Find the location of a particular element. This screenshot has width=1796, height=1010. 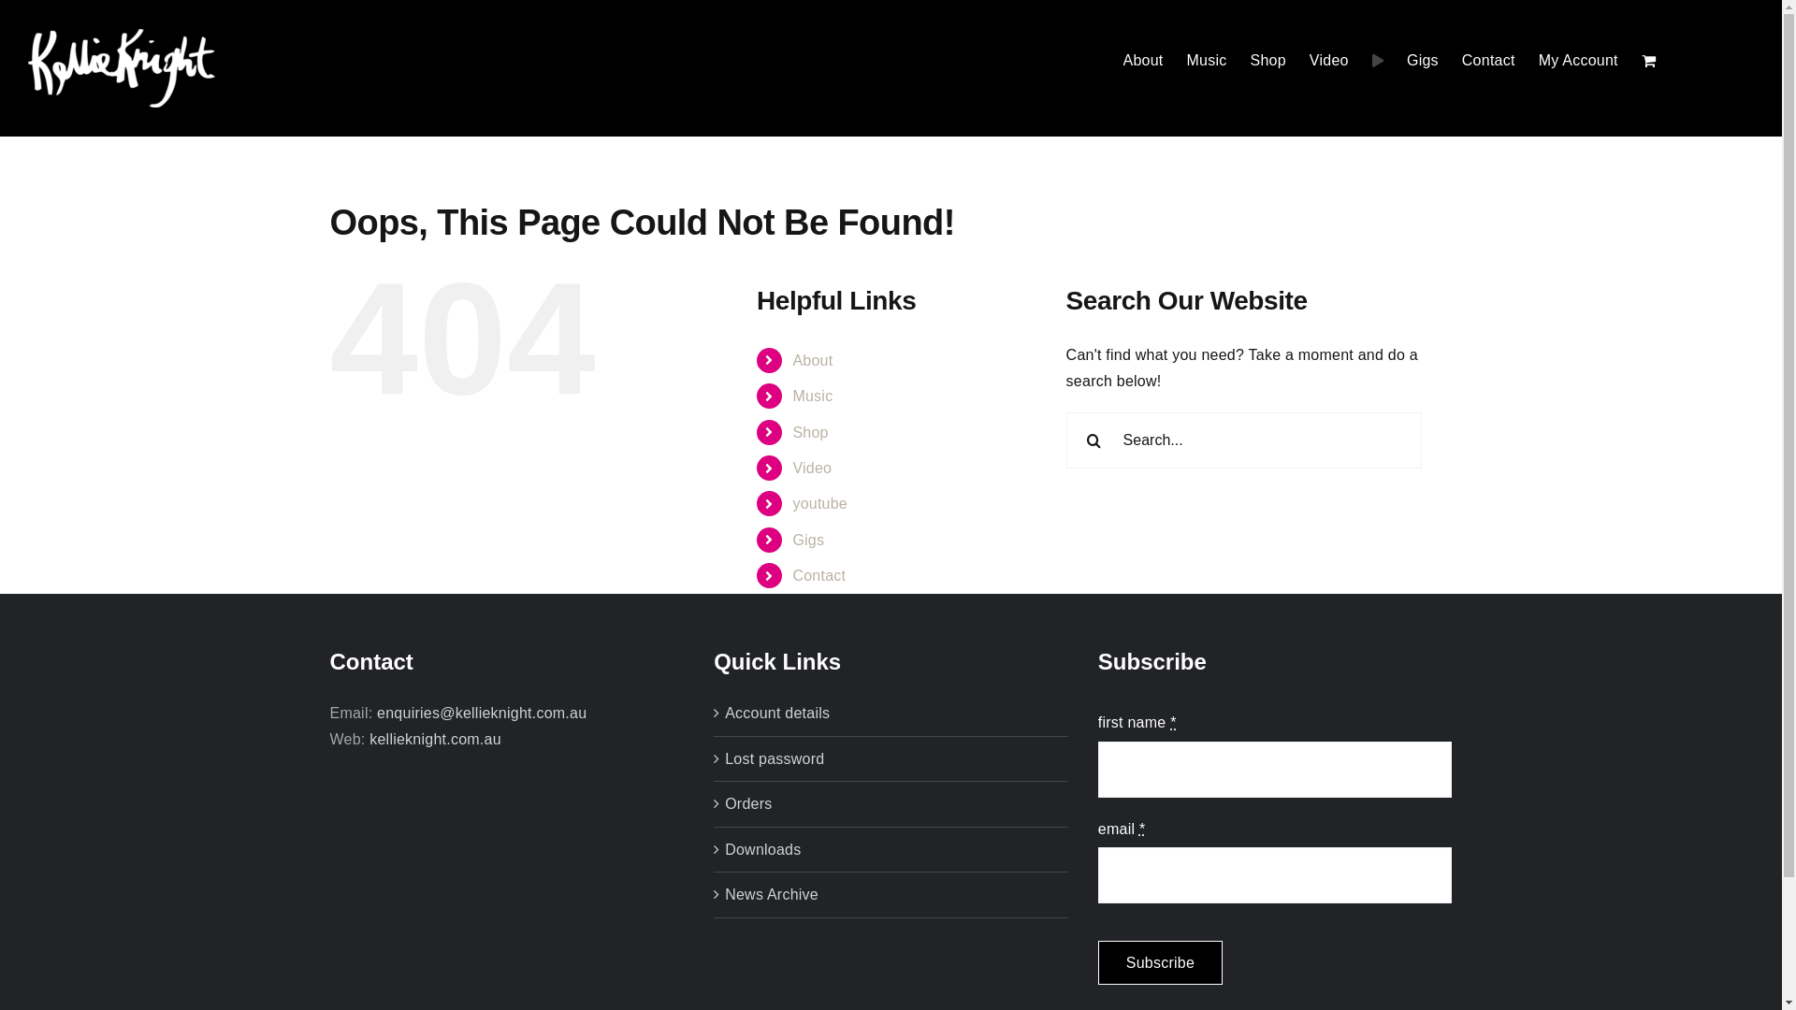

'News Archive' is located at coordinates (891, 893).